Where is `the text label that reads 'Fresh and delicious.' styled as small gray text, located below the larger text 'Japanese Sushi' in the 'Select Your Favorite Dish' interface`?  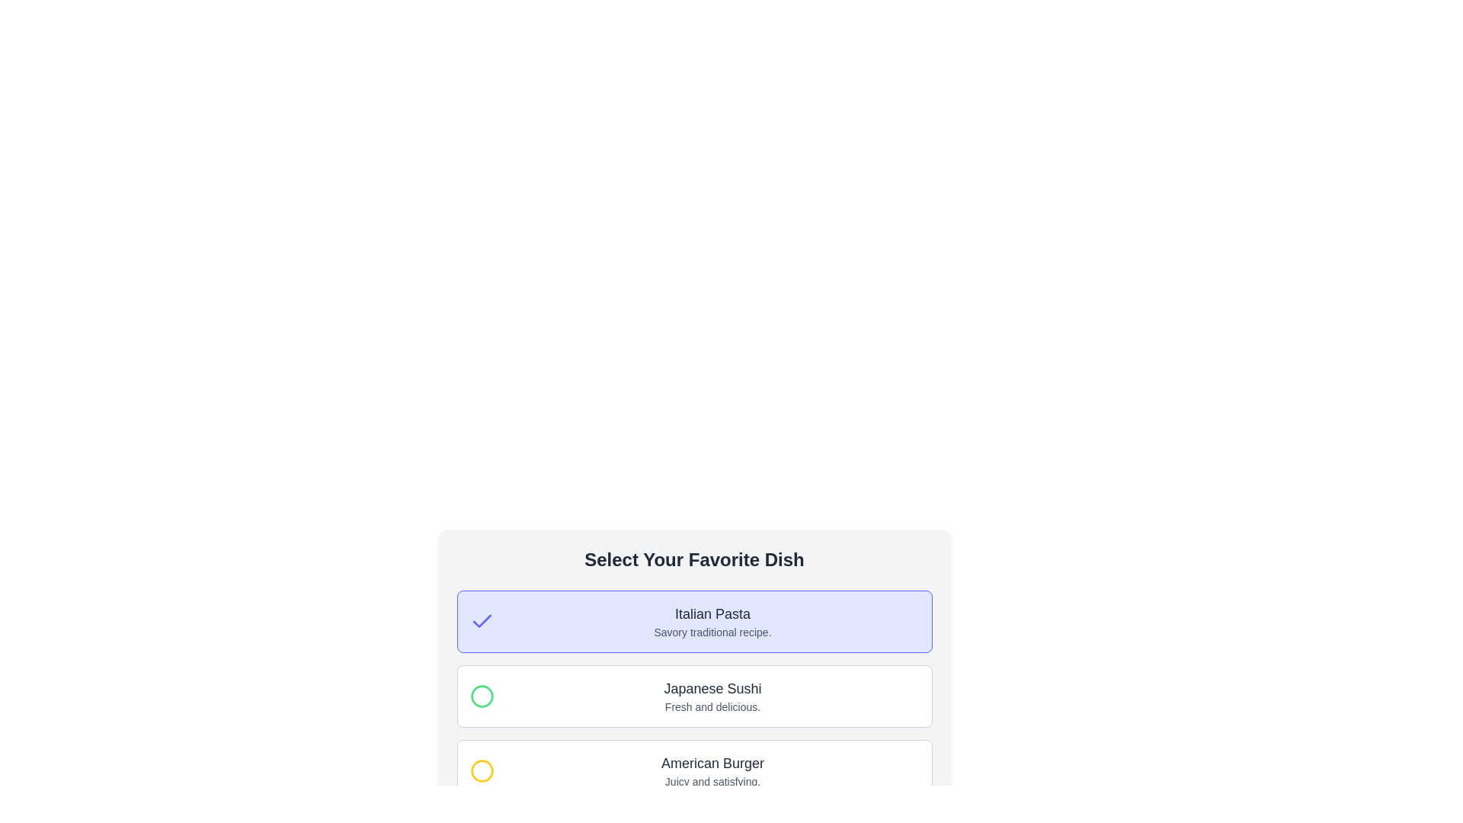 the text label that reads 'Fresh and delicious.' styled as small gray text, located below the larger text 'Japanese Sushi' in the 'Select Your Favorite Dish' interface is located at coordinates (712, 707).